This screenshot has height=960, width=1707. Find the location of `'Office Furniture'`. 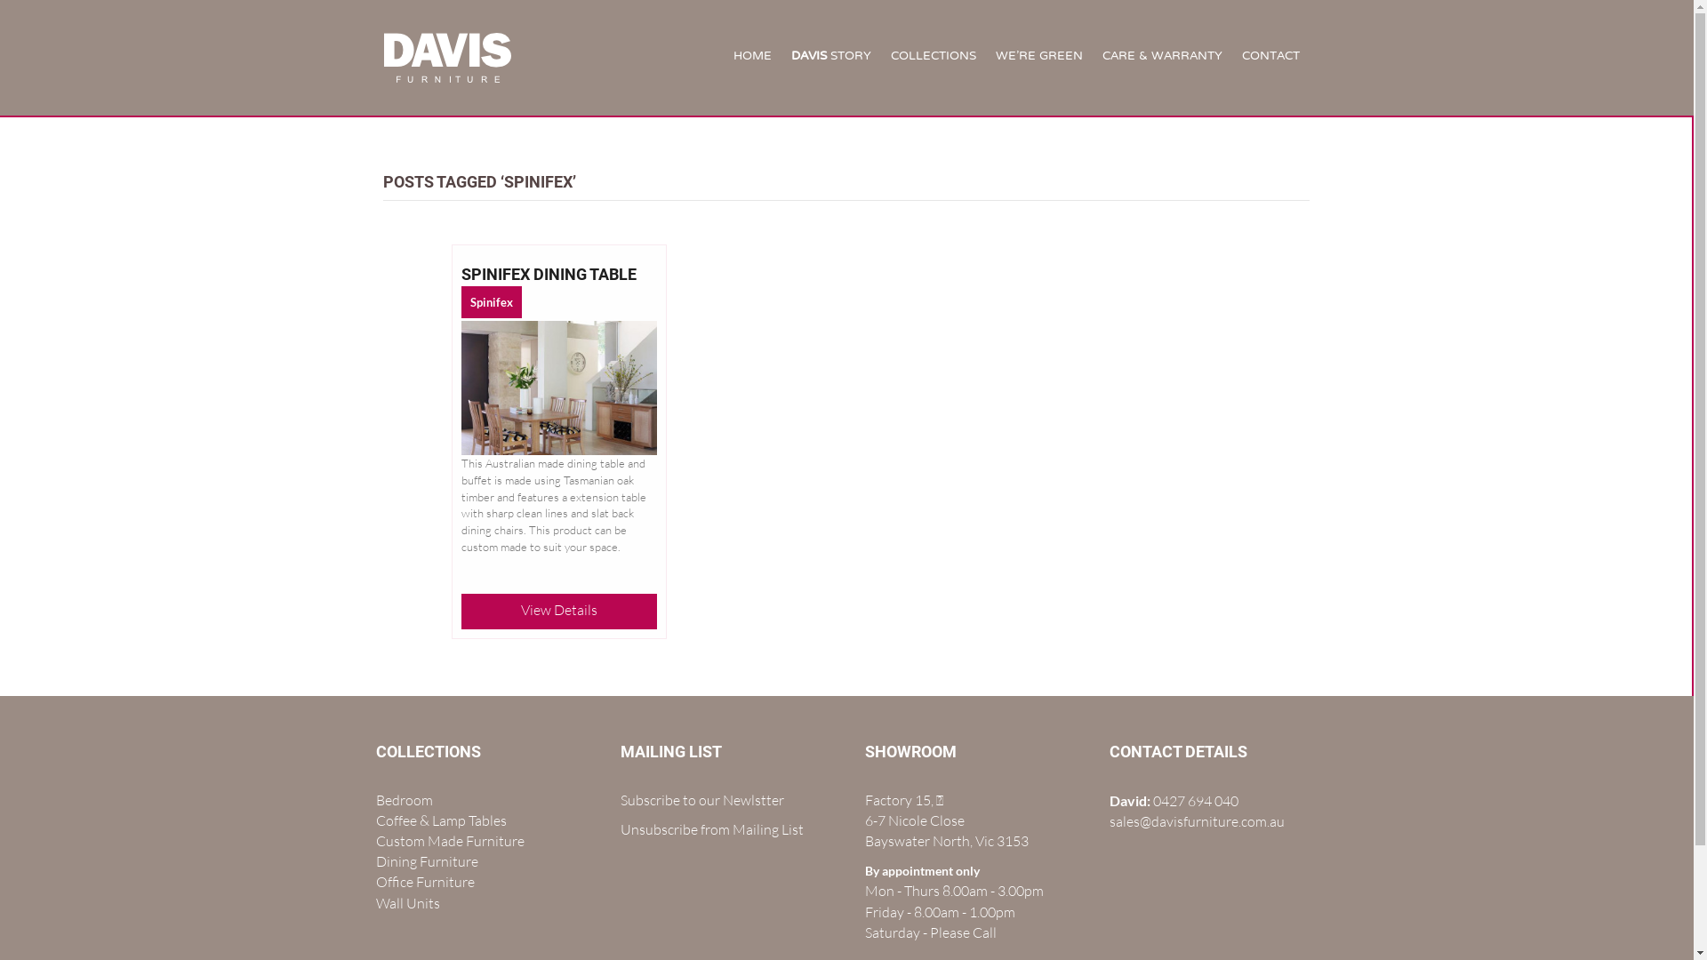

'Office Furniture' is located at coordinates (374, 881).